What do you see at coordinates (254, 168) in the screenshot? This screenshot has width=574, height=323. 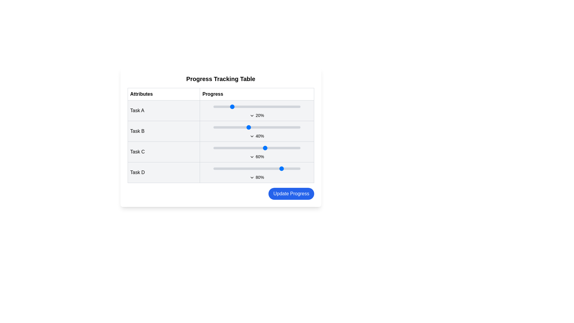 I see `task progress` at bounding box center [254, 168].